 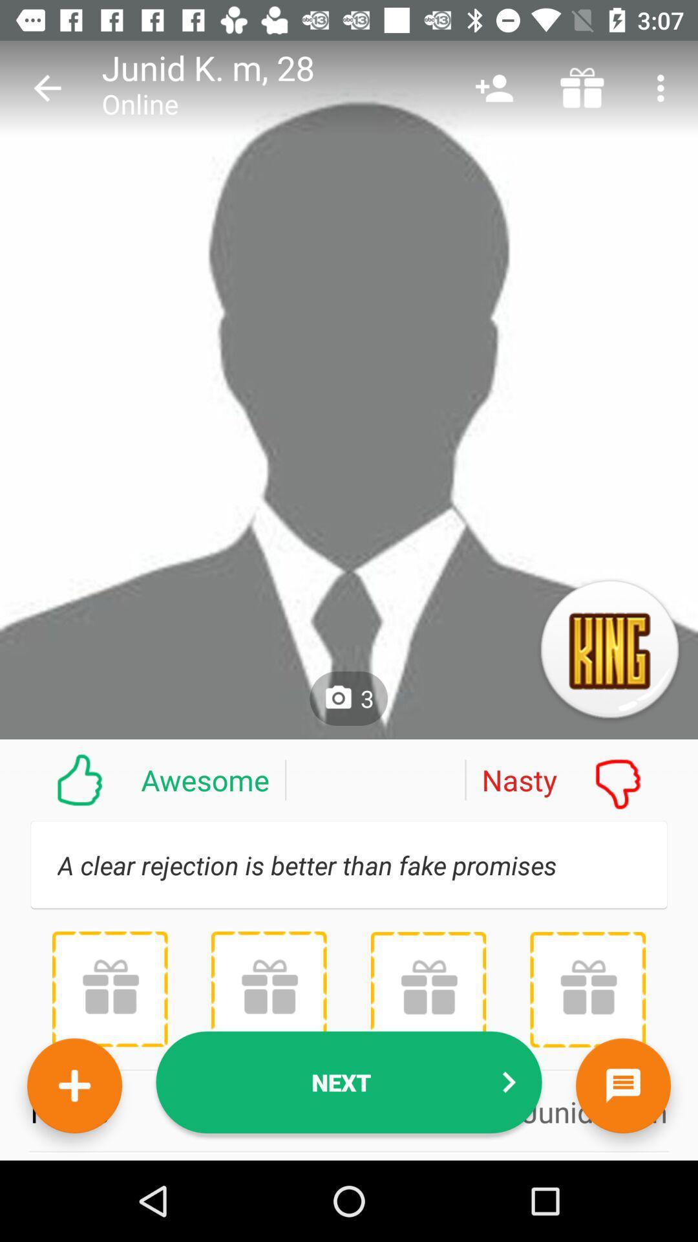 What do you see at coordinates (428, 988) in the screenshot?
I see `the item above name` at bounding box center [428, 988].